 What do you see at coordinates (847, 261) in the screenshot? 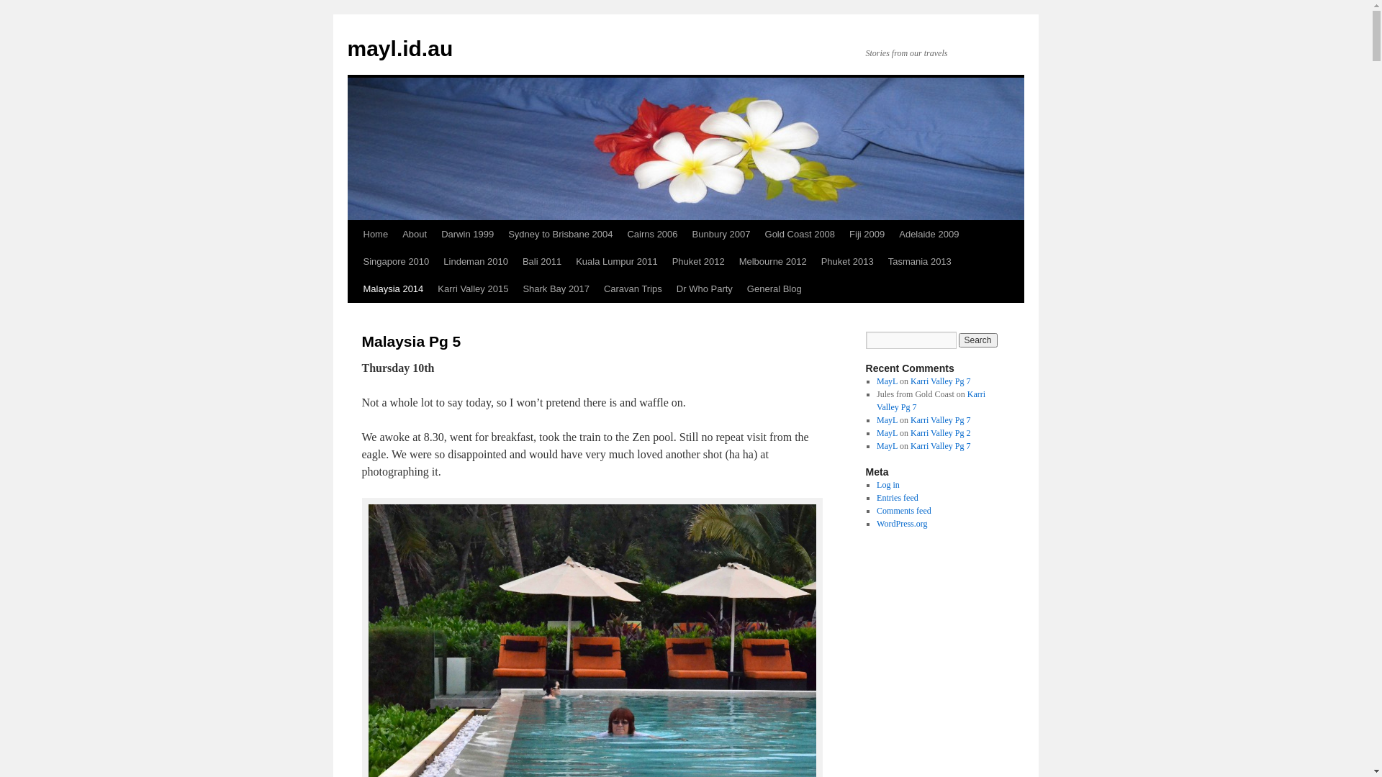
I see `'Phuket 2013'` at bounding box center [847, 261].